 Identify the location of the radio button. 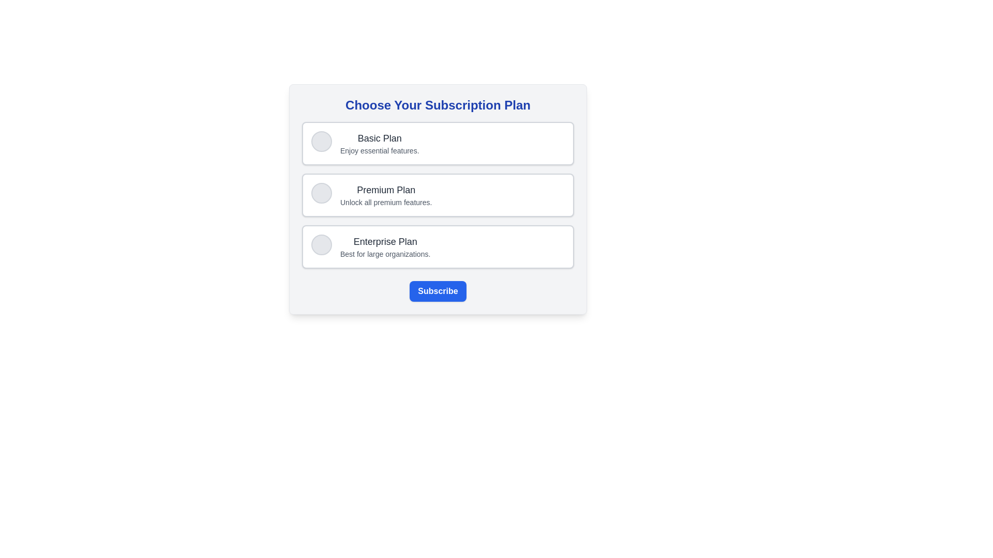
(321, 245).